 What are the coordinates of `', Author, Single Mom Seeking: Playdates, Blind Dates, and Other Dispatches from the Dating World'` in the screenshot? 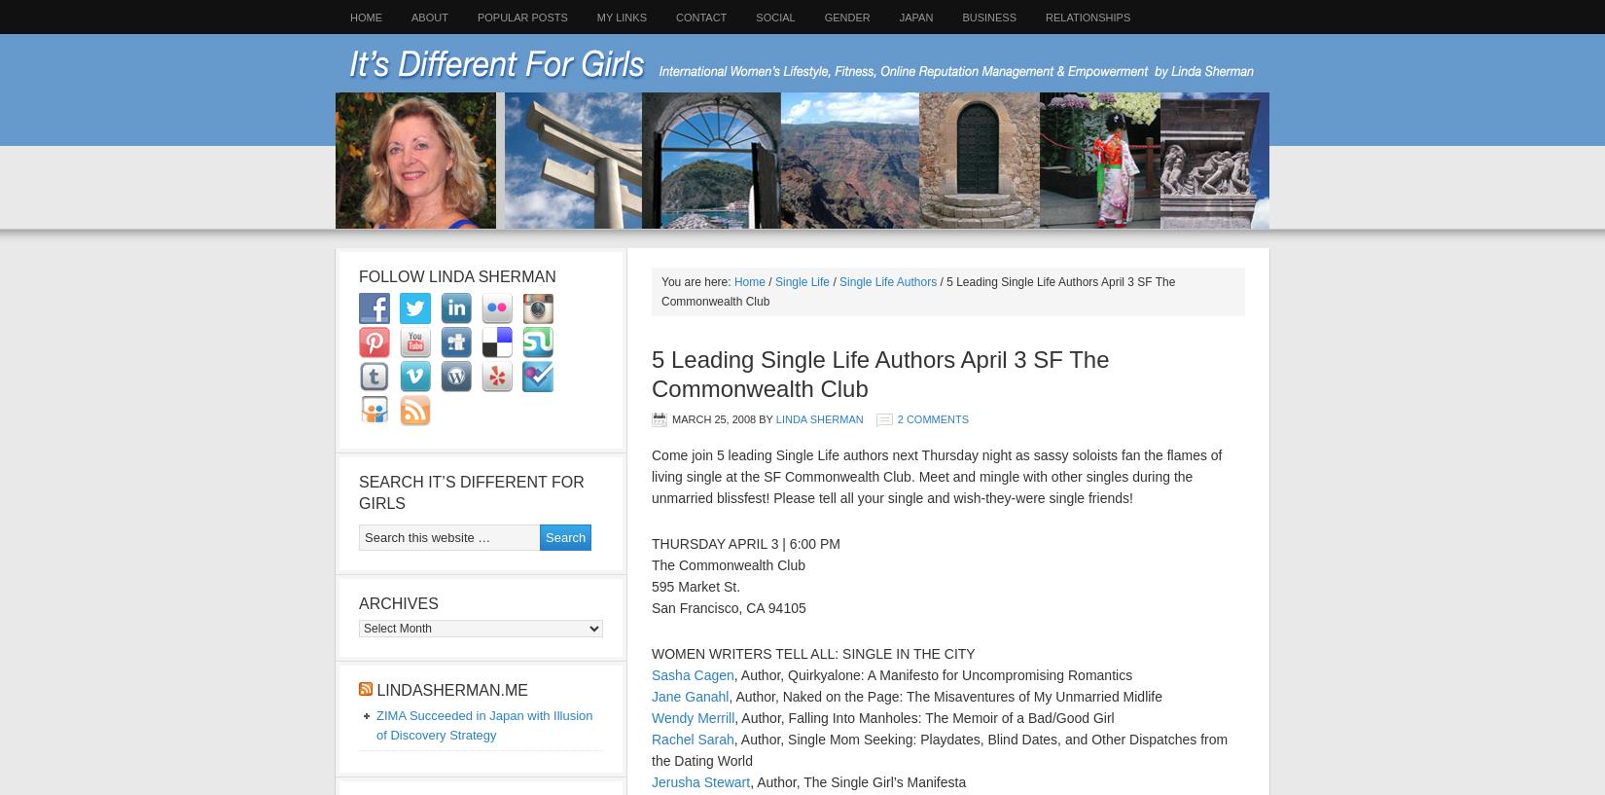 It's located at (940, 750).